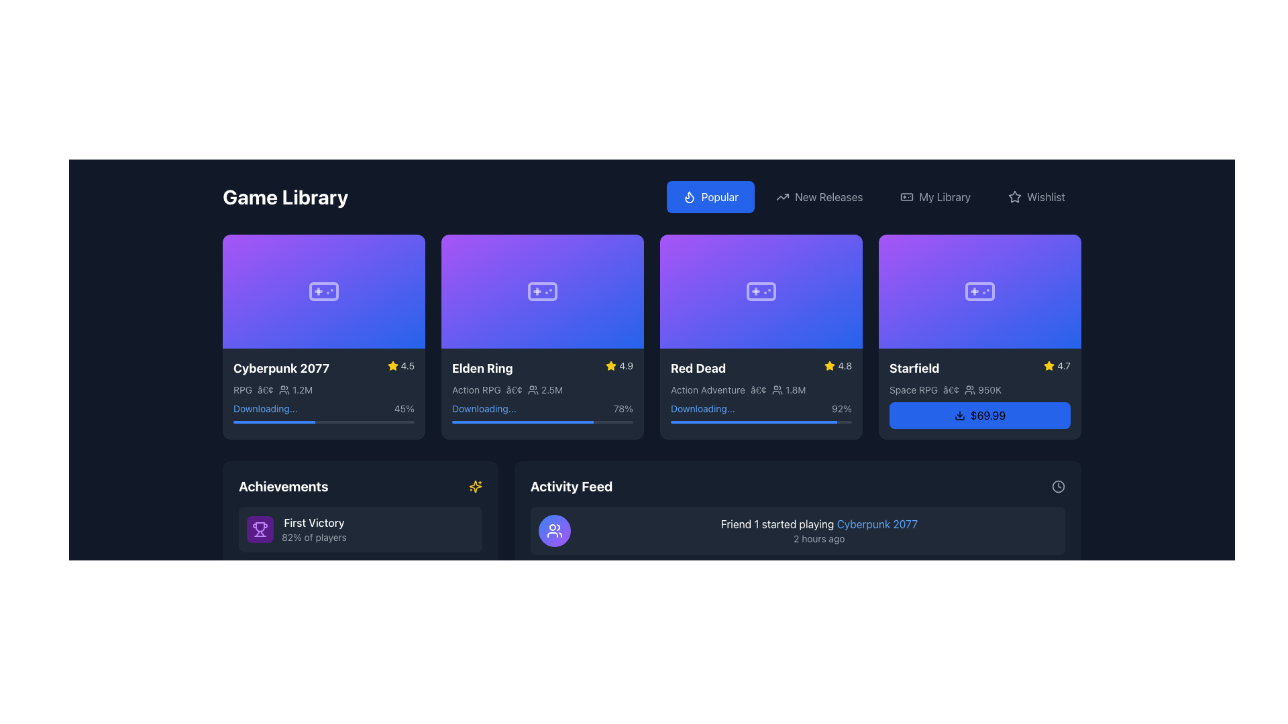 The image size is (1288, 724). I want to click on the text metadata description labeled 'Action Adventure' with the accompanying icon, located beneath the title 'Red Dead' and above 'Downloading...92%', so click(761, 389).